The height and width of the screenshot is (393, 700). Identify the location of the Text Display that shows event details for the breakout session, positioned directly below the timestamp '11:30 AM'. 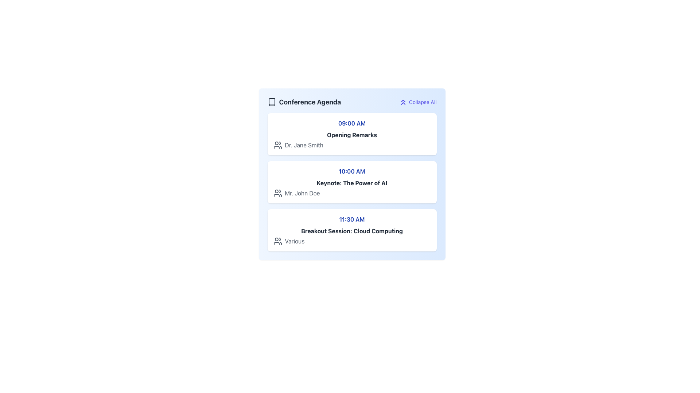
(352, 236).